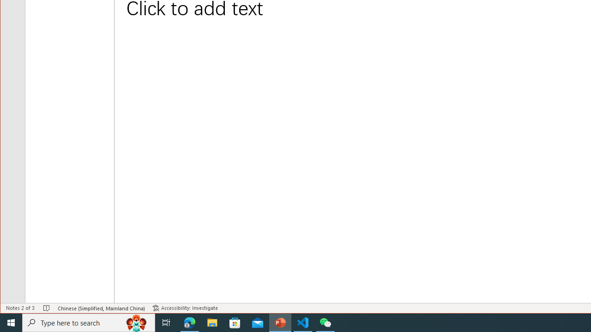 This screenshot has width=591, height=332. What do you see at coordinates (326, 322) in the screenshot?
I see `'WeChat - 1 running window'` at bounding box center [326, 322].